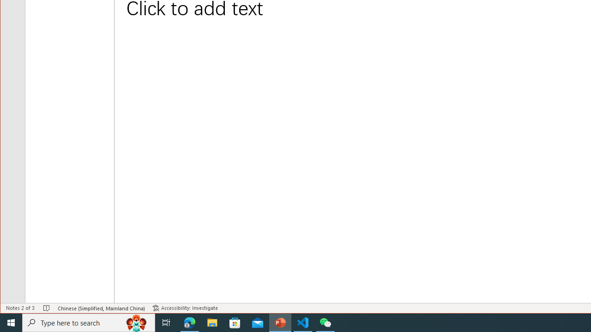 This screenshot has width=591, height=332. What do you see at coordinates (326, 322) in the screenshot?
I see `'WeChat - 1 running window'` at bounding box center [326, 322].